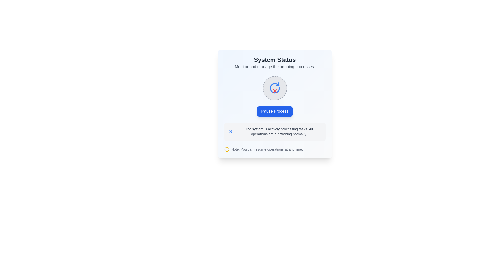  Describe the element at coordinates (274, 149) in the screenshot. I see `the informational text with the alert icon that displays the note 'Note: You can resume operations at any time.'` at that location.